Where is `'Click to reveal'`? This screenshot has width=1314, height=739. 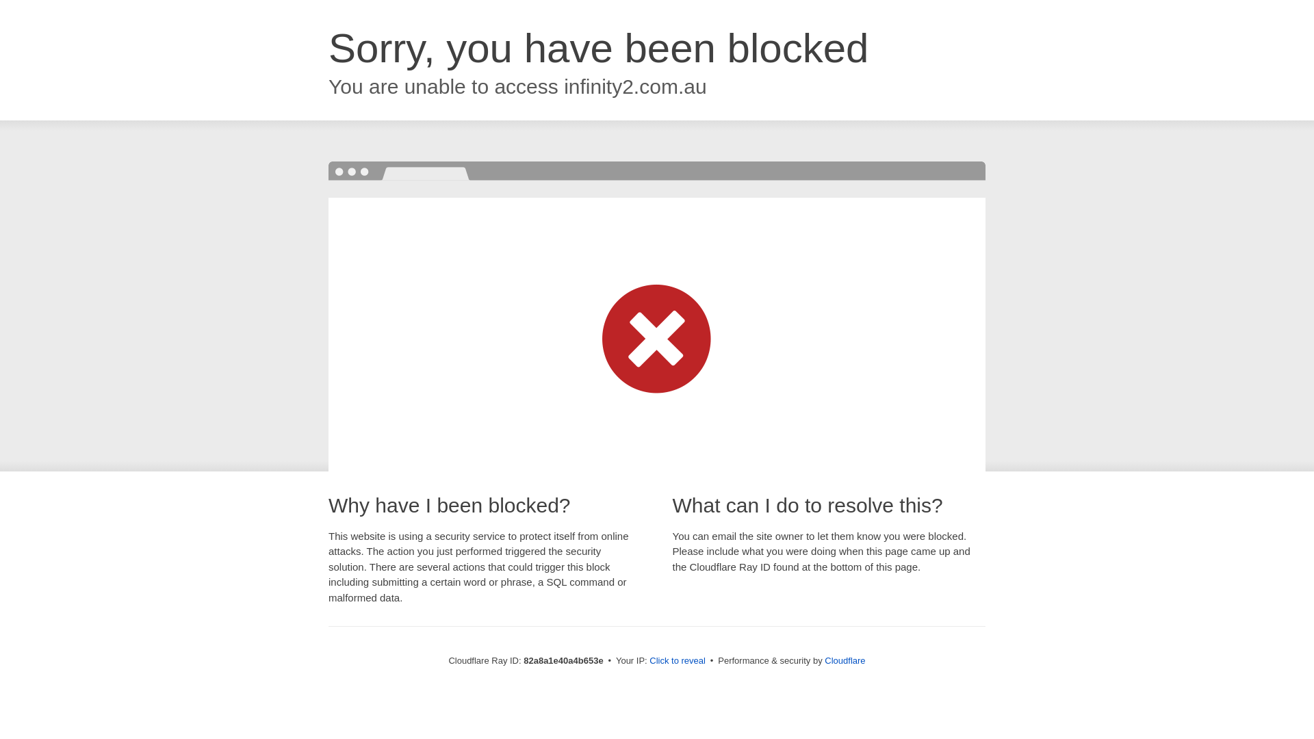
'Click to reveal' is located at coordinates (677, 660).